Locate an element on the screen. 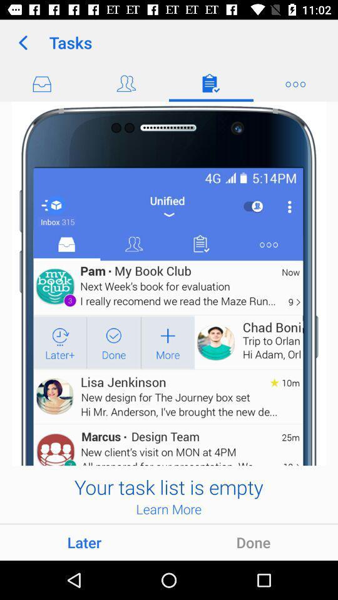  the app to the left of the tasks is located at coordinates (23, 42).